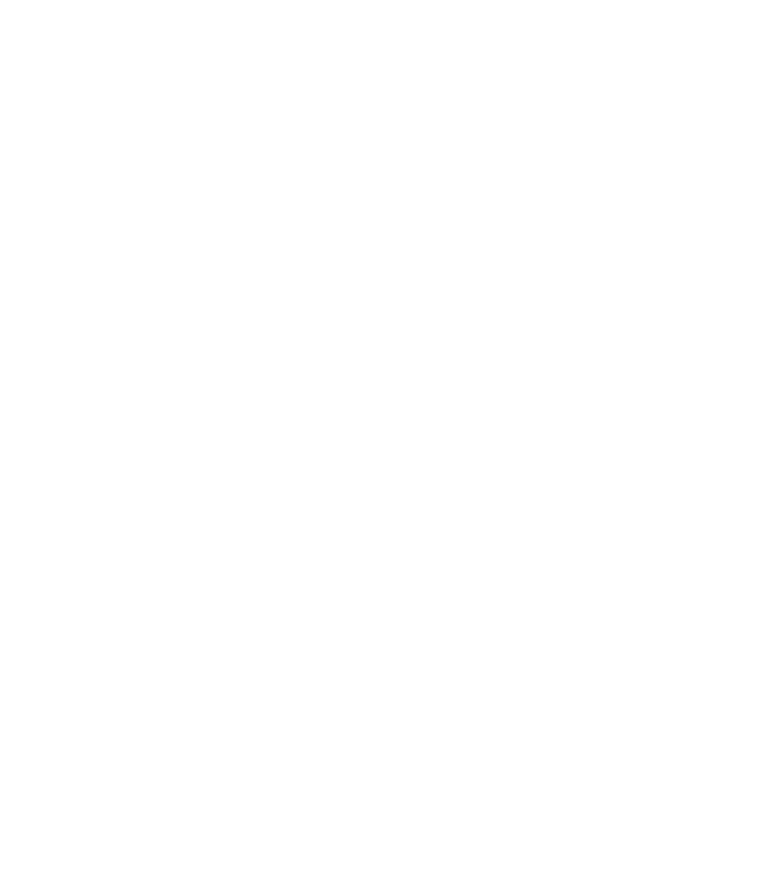 The height and width of the screenshot is (875, 782). I want to click on 'Tape It has launched Tape It Denoiser, a web-based, AI-powered free service that removes background noise.', so click(325, 85).